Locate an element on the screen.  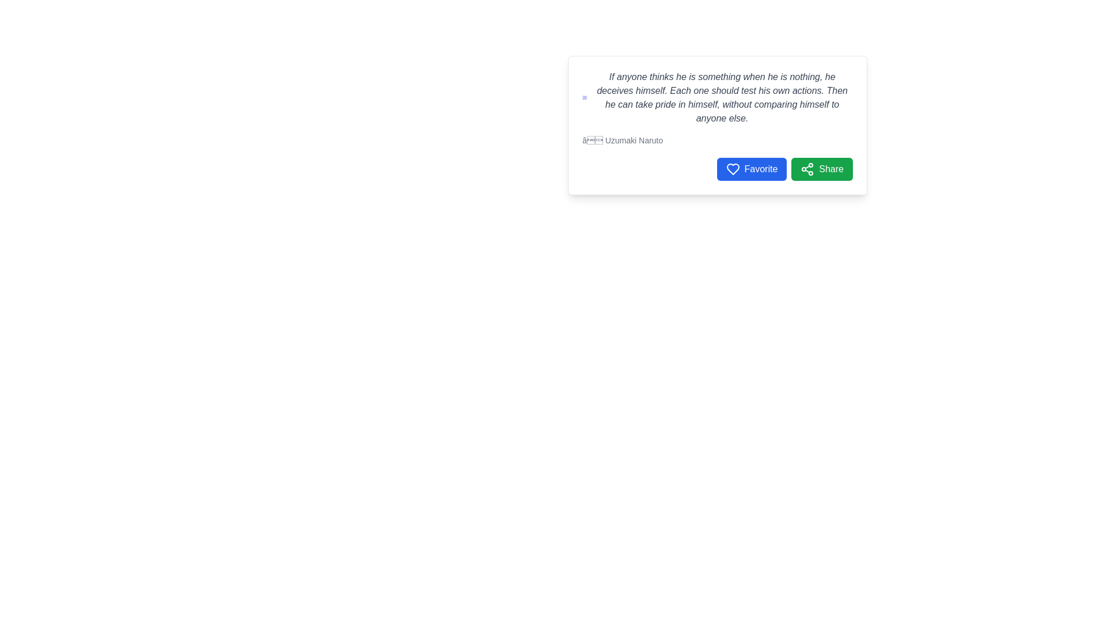
the favorite button, which is the leftmost button in a horizontal arrangement next to a green 'Share' button is located at coordinates (752, 169).